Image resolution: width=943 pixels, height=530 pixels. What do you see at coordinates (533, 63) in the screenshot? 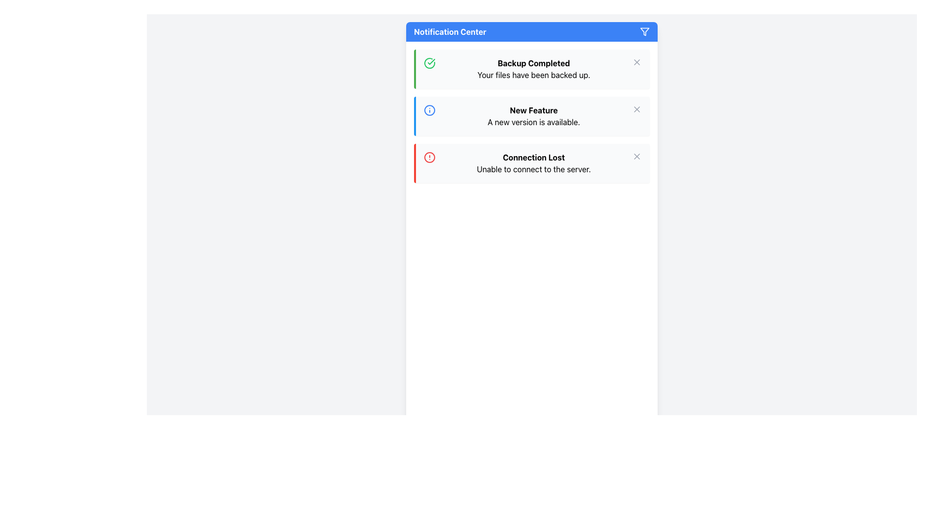
I see `the bold text label displaying 'Backup Completed' located at the top of the first notification block in the Notification Center` at bounding box center [533, 63].